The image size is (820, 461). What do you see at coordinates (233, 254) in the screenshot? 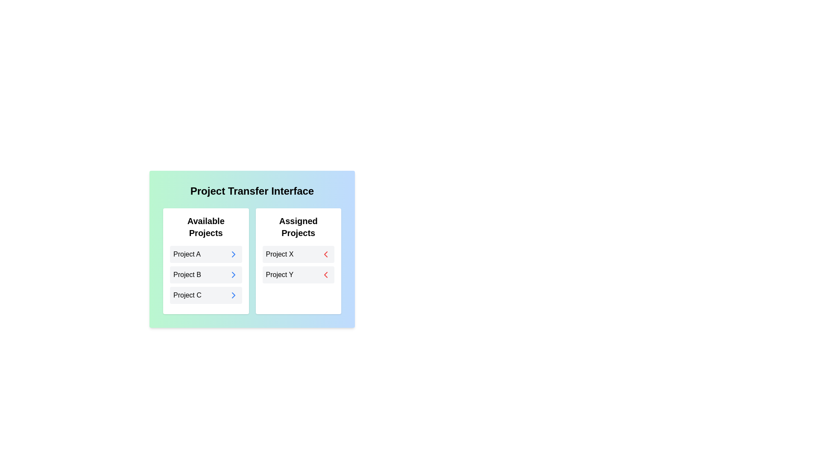
I see `the right-pointing chevron-shaped arrow icon adjacent to 'Project A' in the 'Available Projects' section` at bounding box center [233, 254].